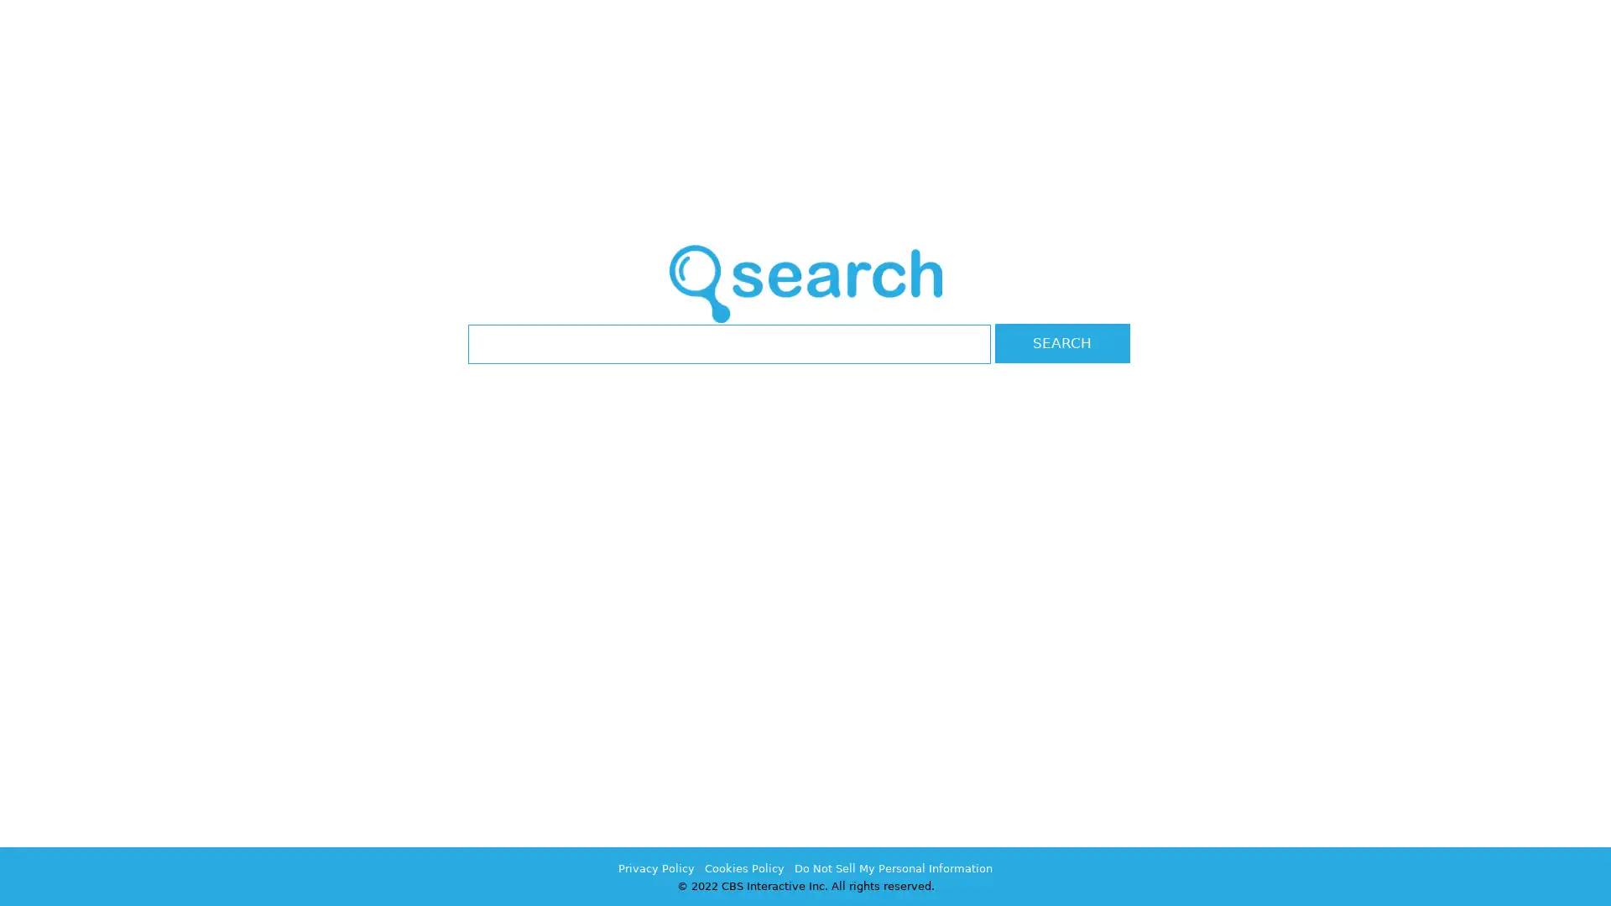 The height and width of the screenshot is (906, 1611). Describe the element at coordinates (1061, 342) in the screenshot. I see `SEARCH` at that location.